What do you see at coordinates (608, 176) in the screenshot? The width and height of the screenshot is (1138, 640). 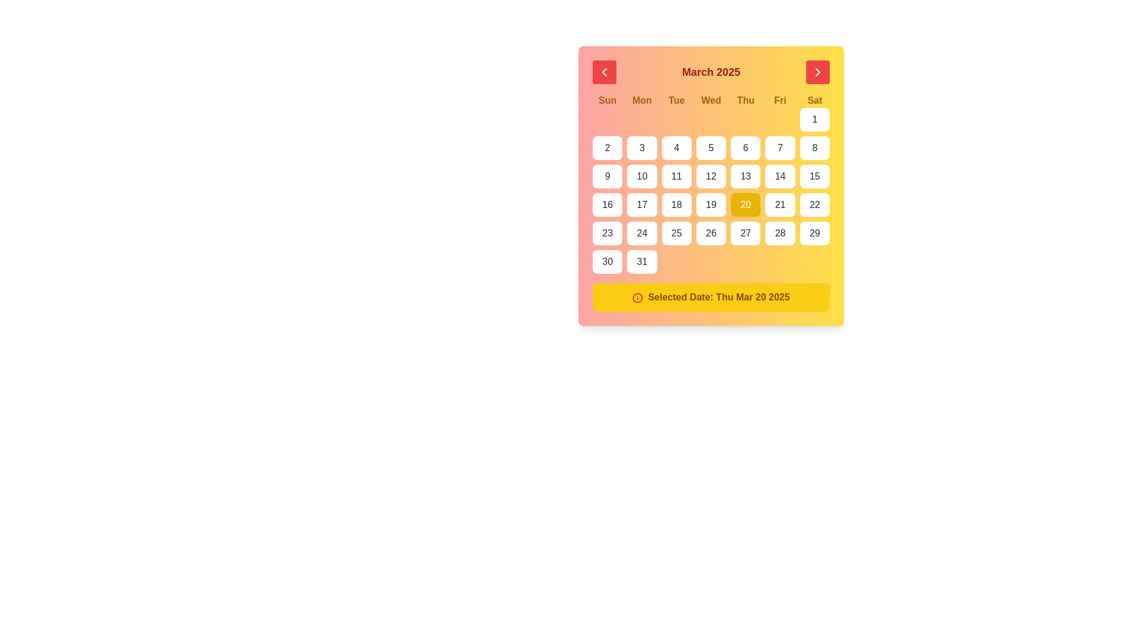 I see `the button representing the date '9' in the calendar` at bounding box center [608, 176].